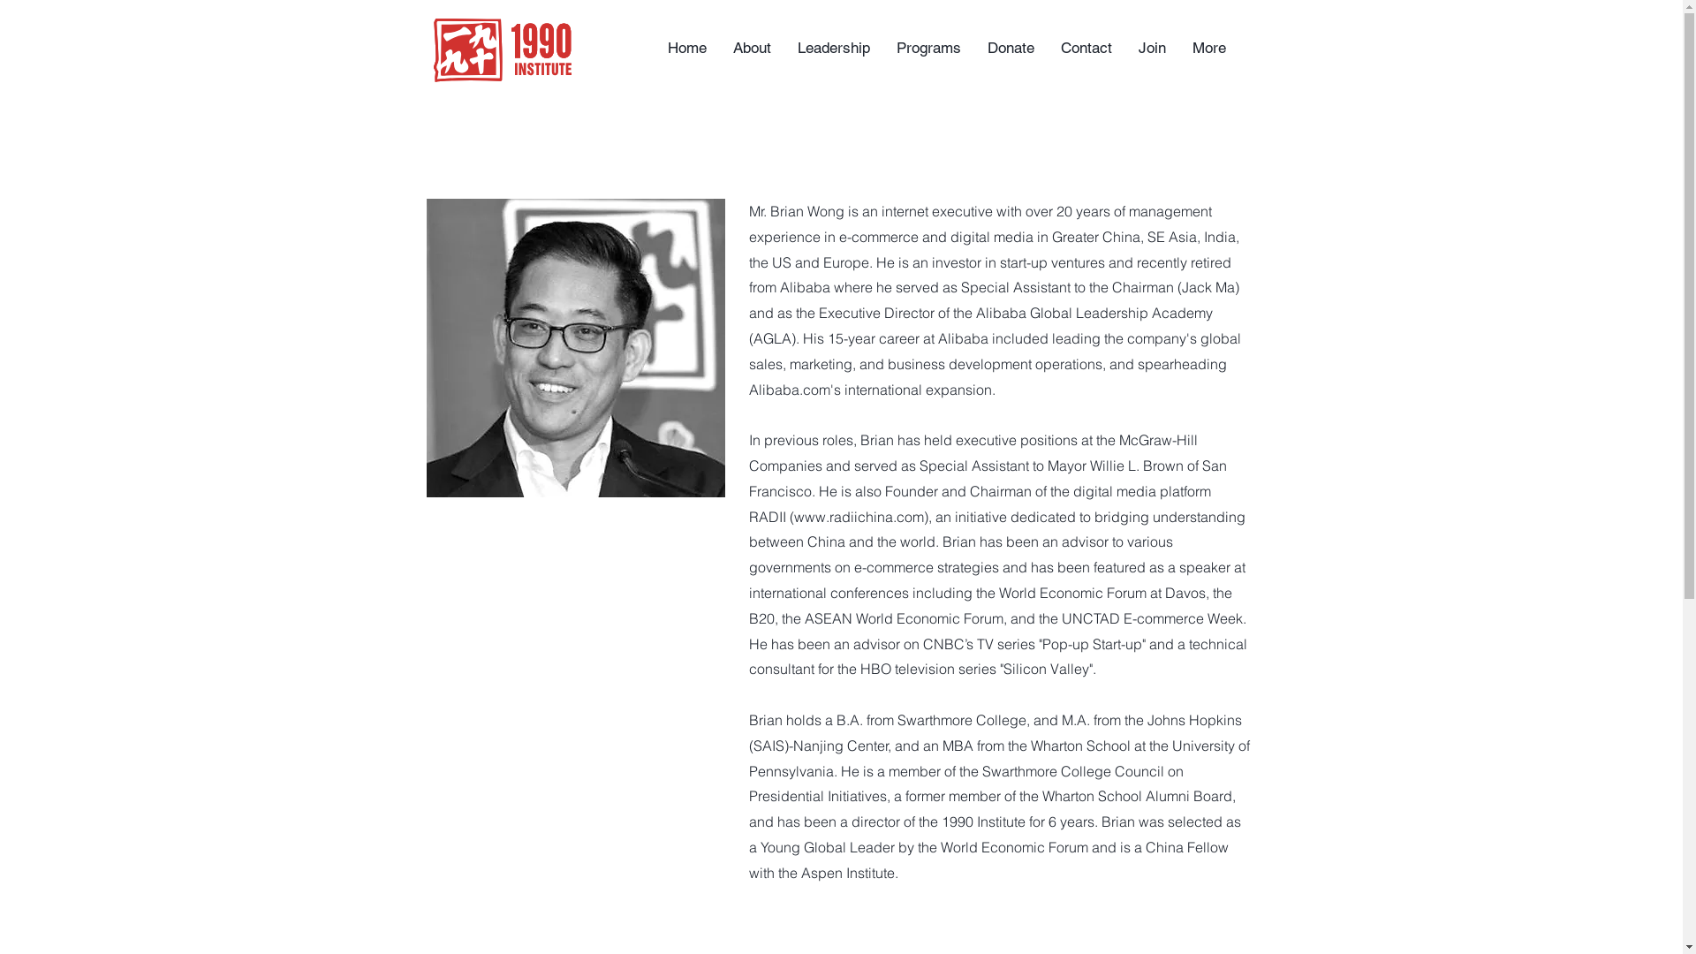 The height and width of the screenshot is (954, 1696). What do you see at coordinates (1010, 47) in the screenshot?
I see `'Donate'` at bounding box center [1010, 47].